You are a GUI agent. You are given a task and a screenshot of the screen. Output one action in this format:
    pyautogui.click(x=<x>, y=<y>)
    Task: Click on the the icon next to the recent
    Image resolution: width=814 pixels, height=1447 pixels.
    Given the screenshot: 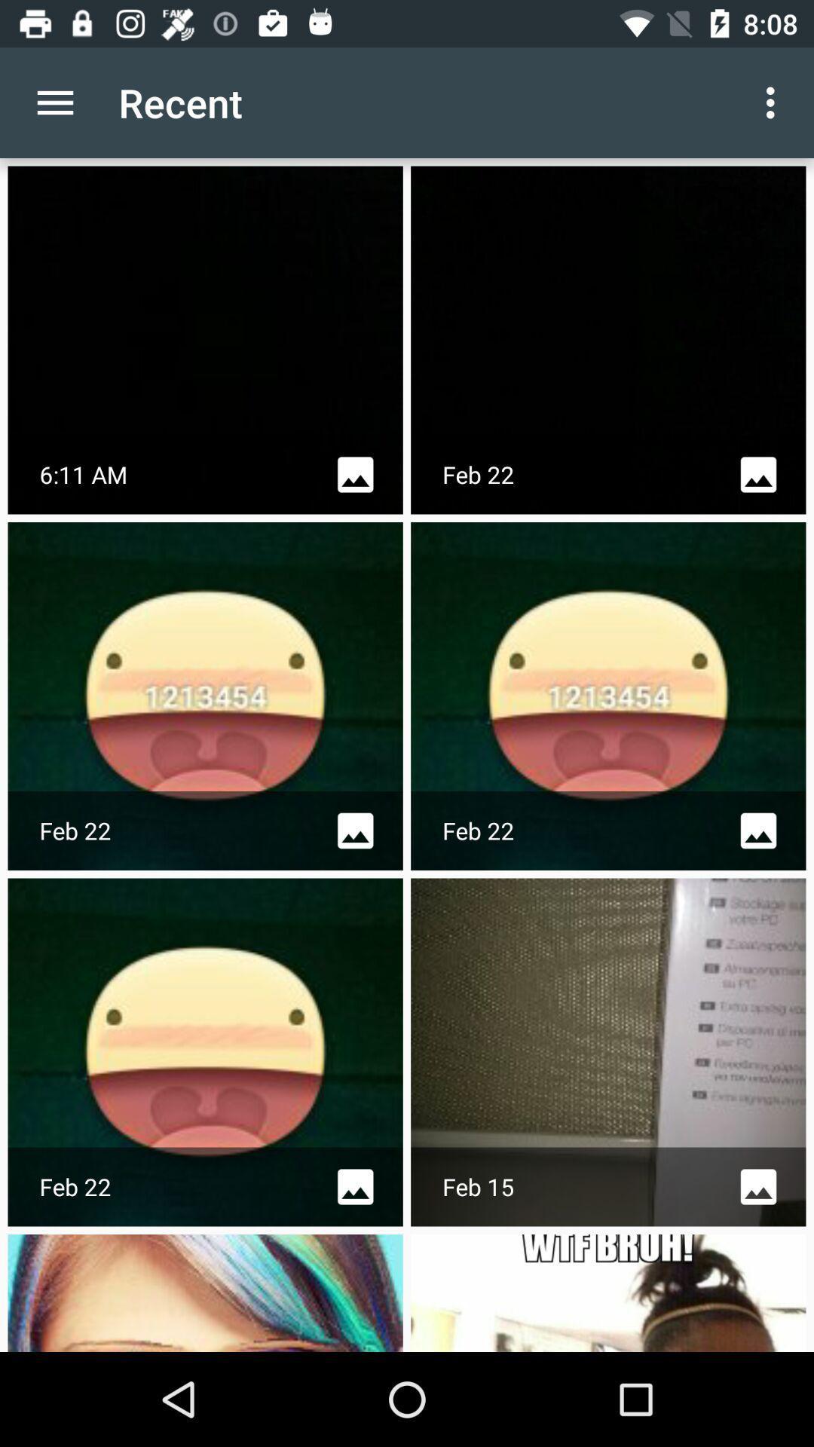 What is the action you would take?
    pyautogui.click(x=774, y=102)
    